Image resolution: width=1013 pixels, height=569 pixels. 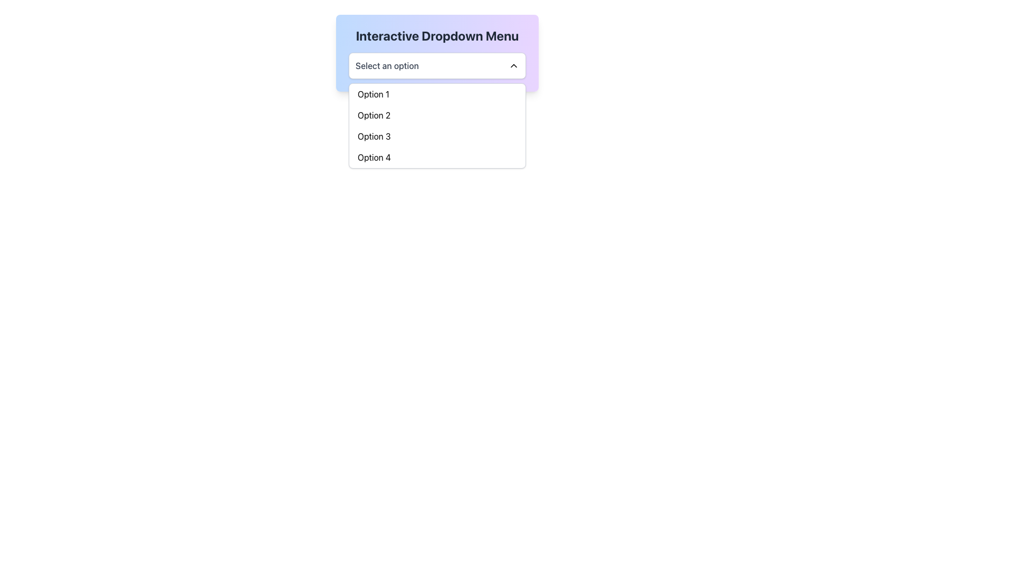 What do you see at coordinates (437, 65) in the screenshot?
I see `an option from the dropdown menu located beneath the title 'Interactive Dropdown Menu' and is the first dropdown component in the interface layout` at bounding box center [437, 65].